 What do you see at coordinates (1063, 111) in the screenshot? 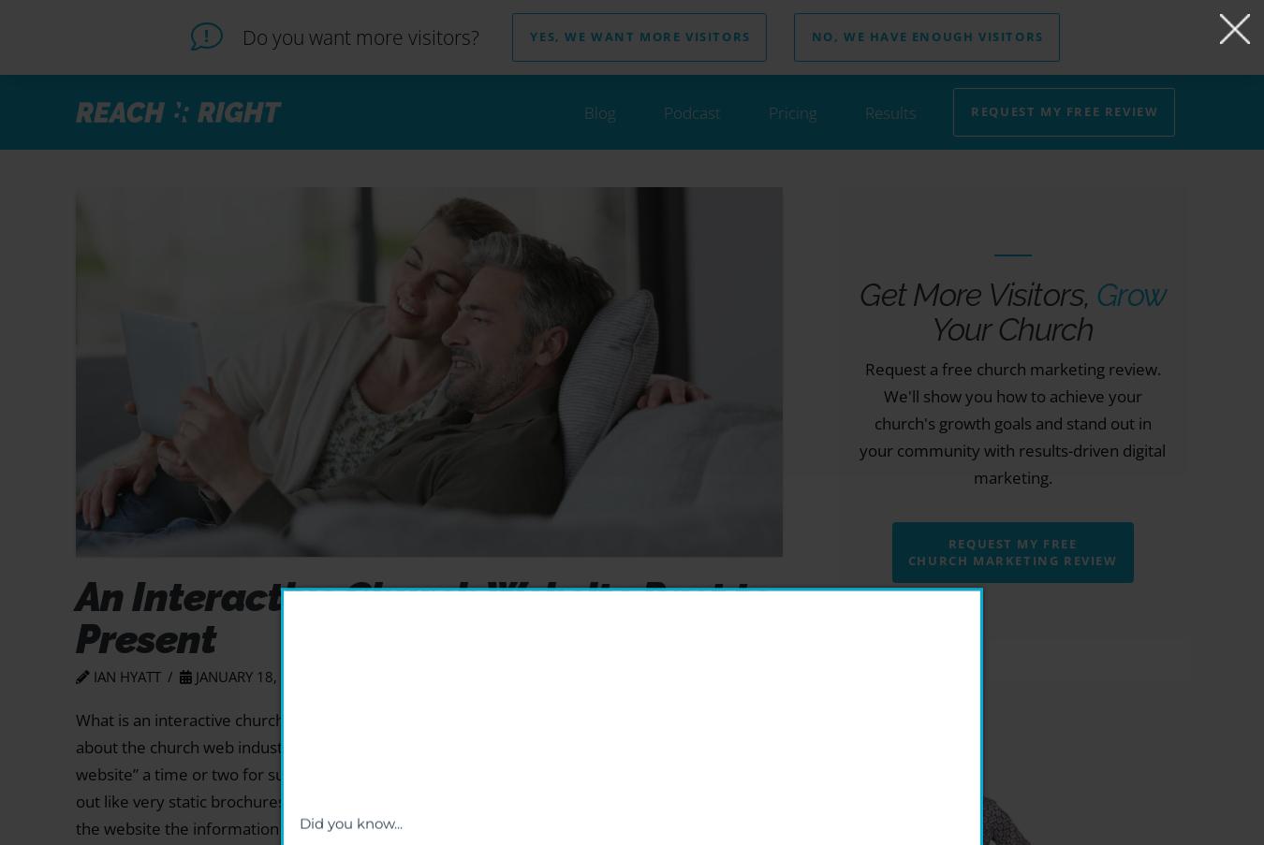
I see `'Request My Free Review'` at bounding box center [1063, 111].